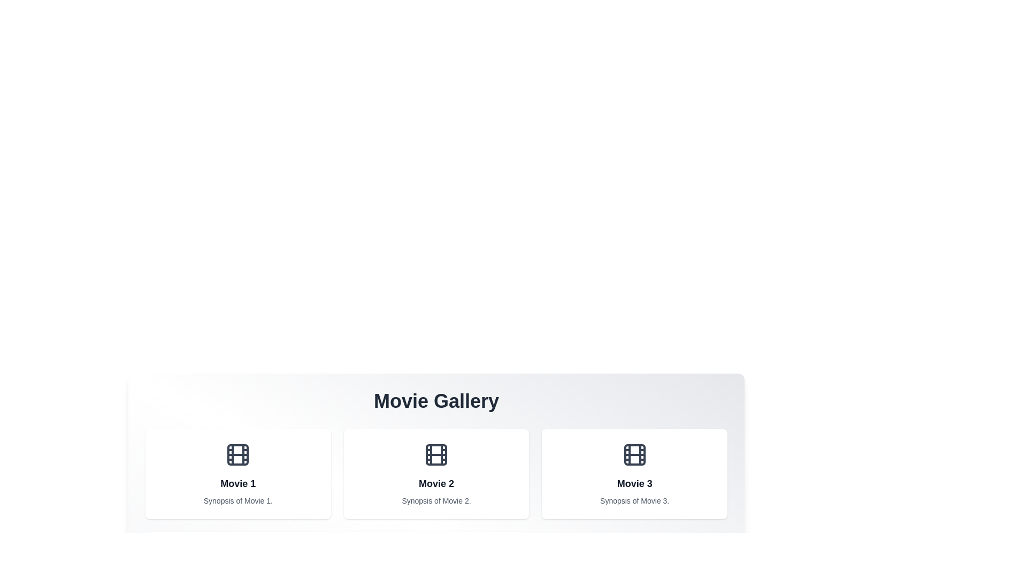  What do you see at coordinates (634, 501) in the screenshot?
I see `the text label displaying the synopsis for 'Movie 3', located in the third card under the 'Movie Gallery' header` at bounding box center [634, 501].